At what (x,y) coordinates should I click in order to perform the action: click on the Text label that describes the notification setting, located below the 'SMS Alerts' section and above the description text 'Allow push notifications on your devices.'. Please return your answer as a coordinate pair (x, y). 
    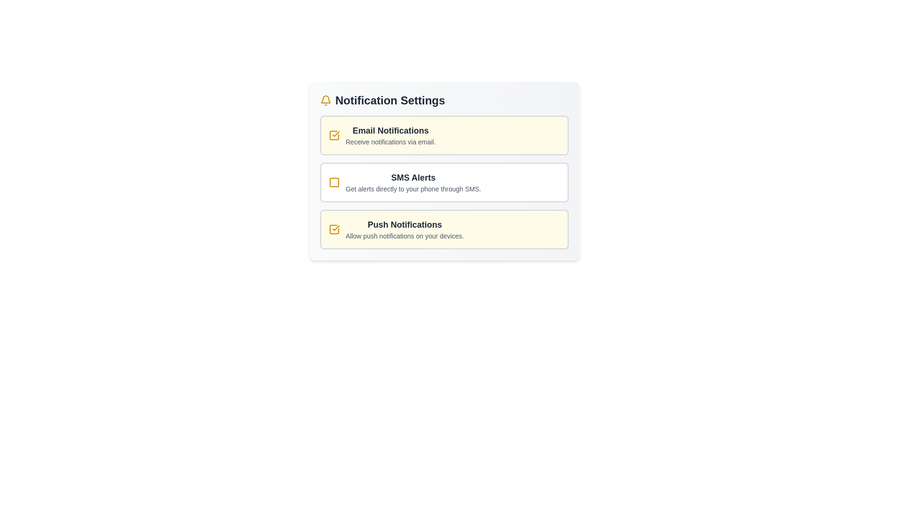
    Looking at the image, I should click on (404, 225).